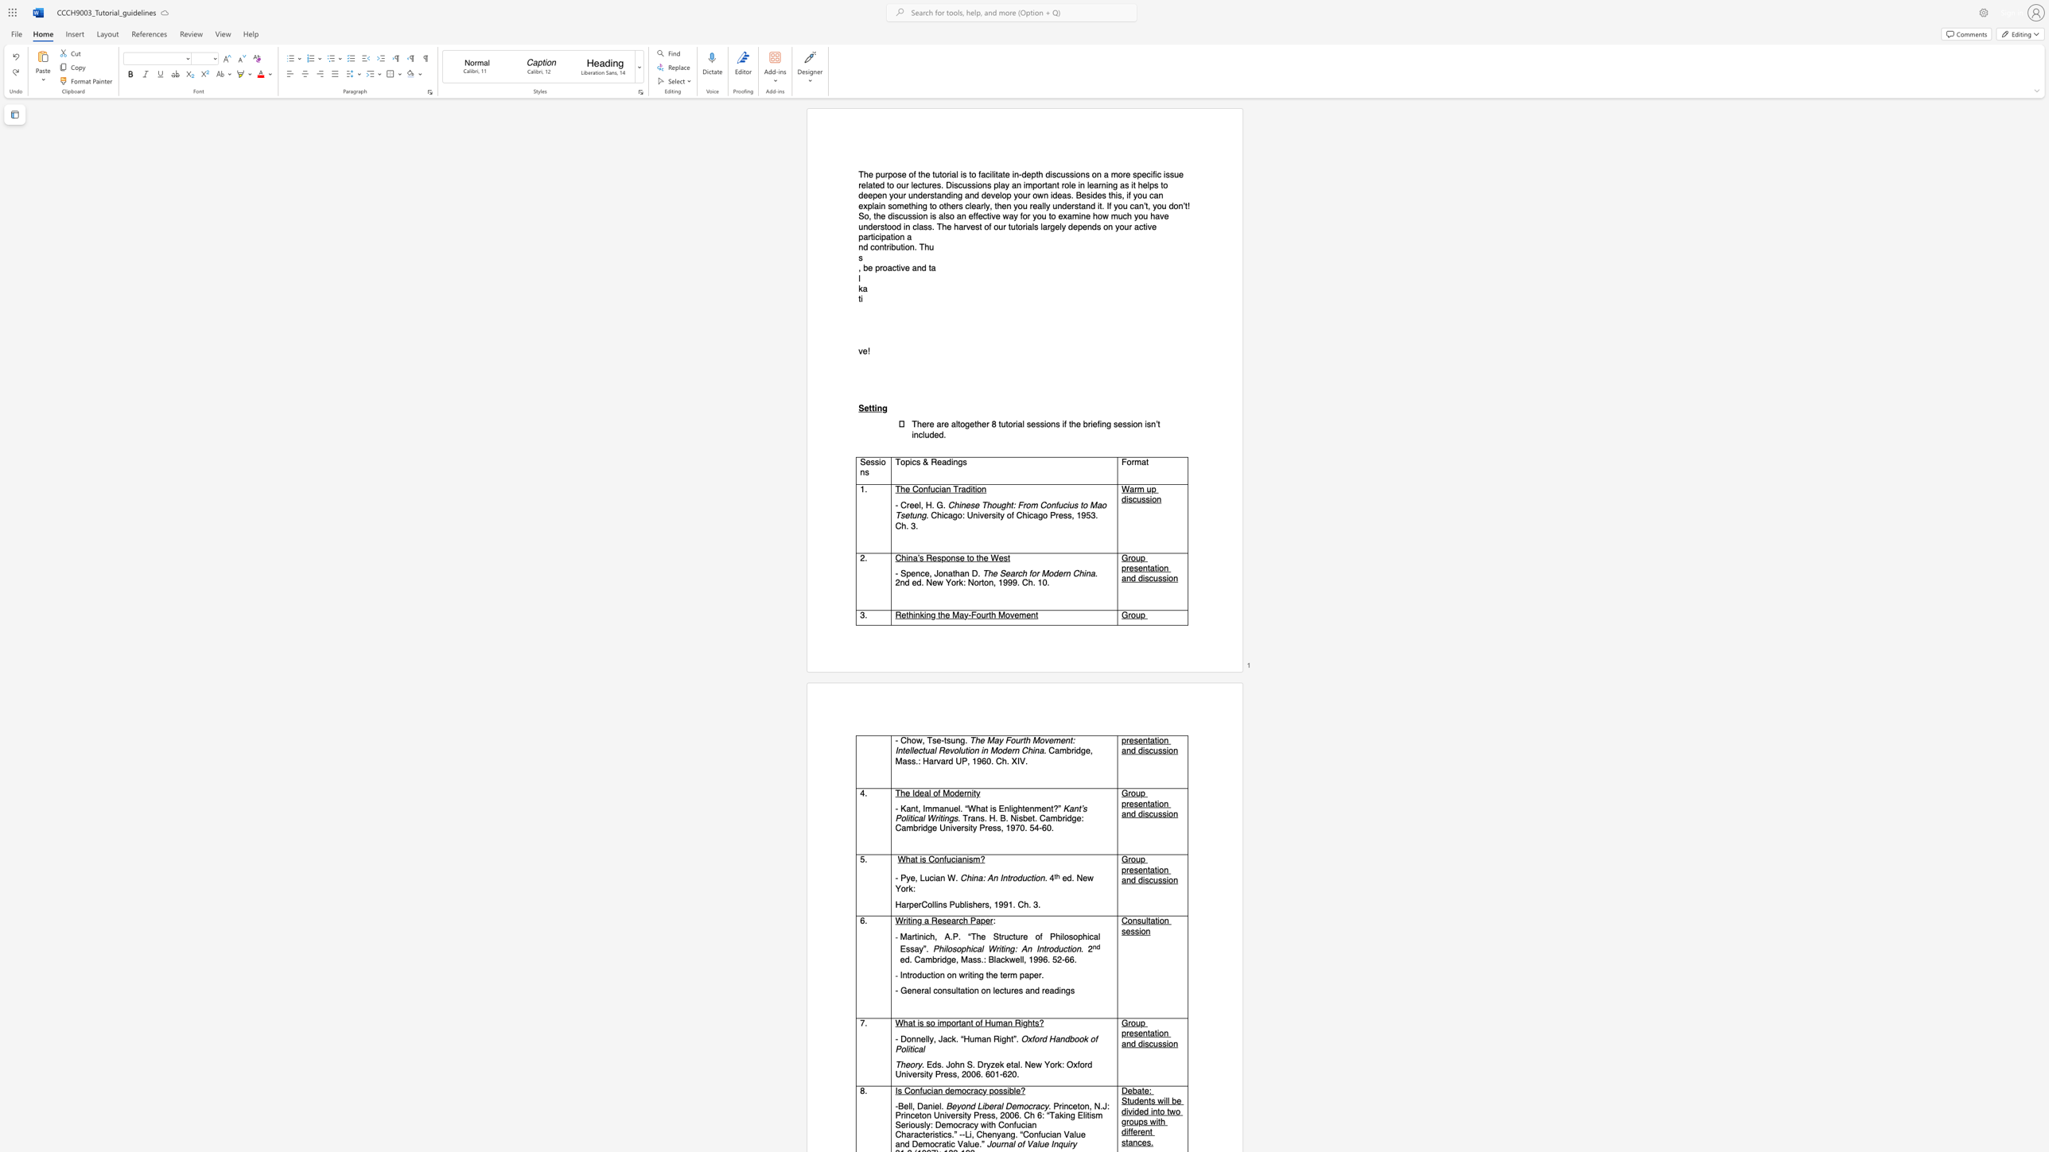  I want to click on the 1th character "," in the text, so click(859, 267).